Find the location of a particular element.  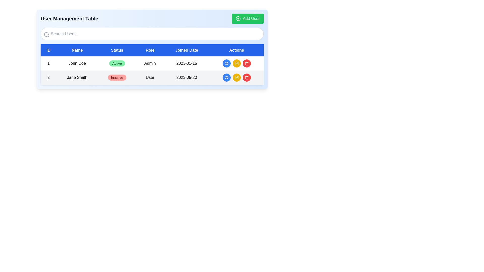

the 'Edit' button in the first row of the user table is located at coordinates (236, 63).